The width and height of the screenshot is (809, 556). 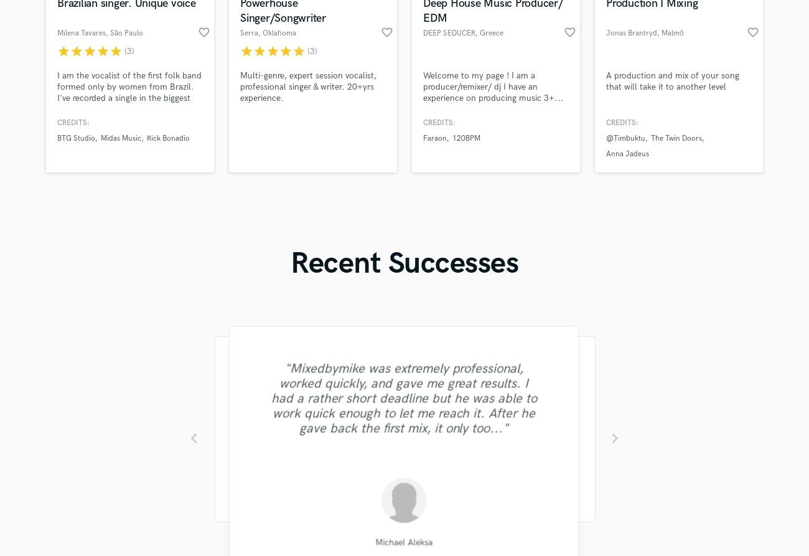 What do you see at coordinates (320, 277) in the screenshot?
I see `'Viola'` at bounding box center [320, 277].